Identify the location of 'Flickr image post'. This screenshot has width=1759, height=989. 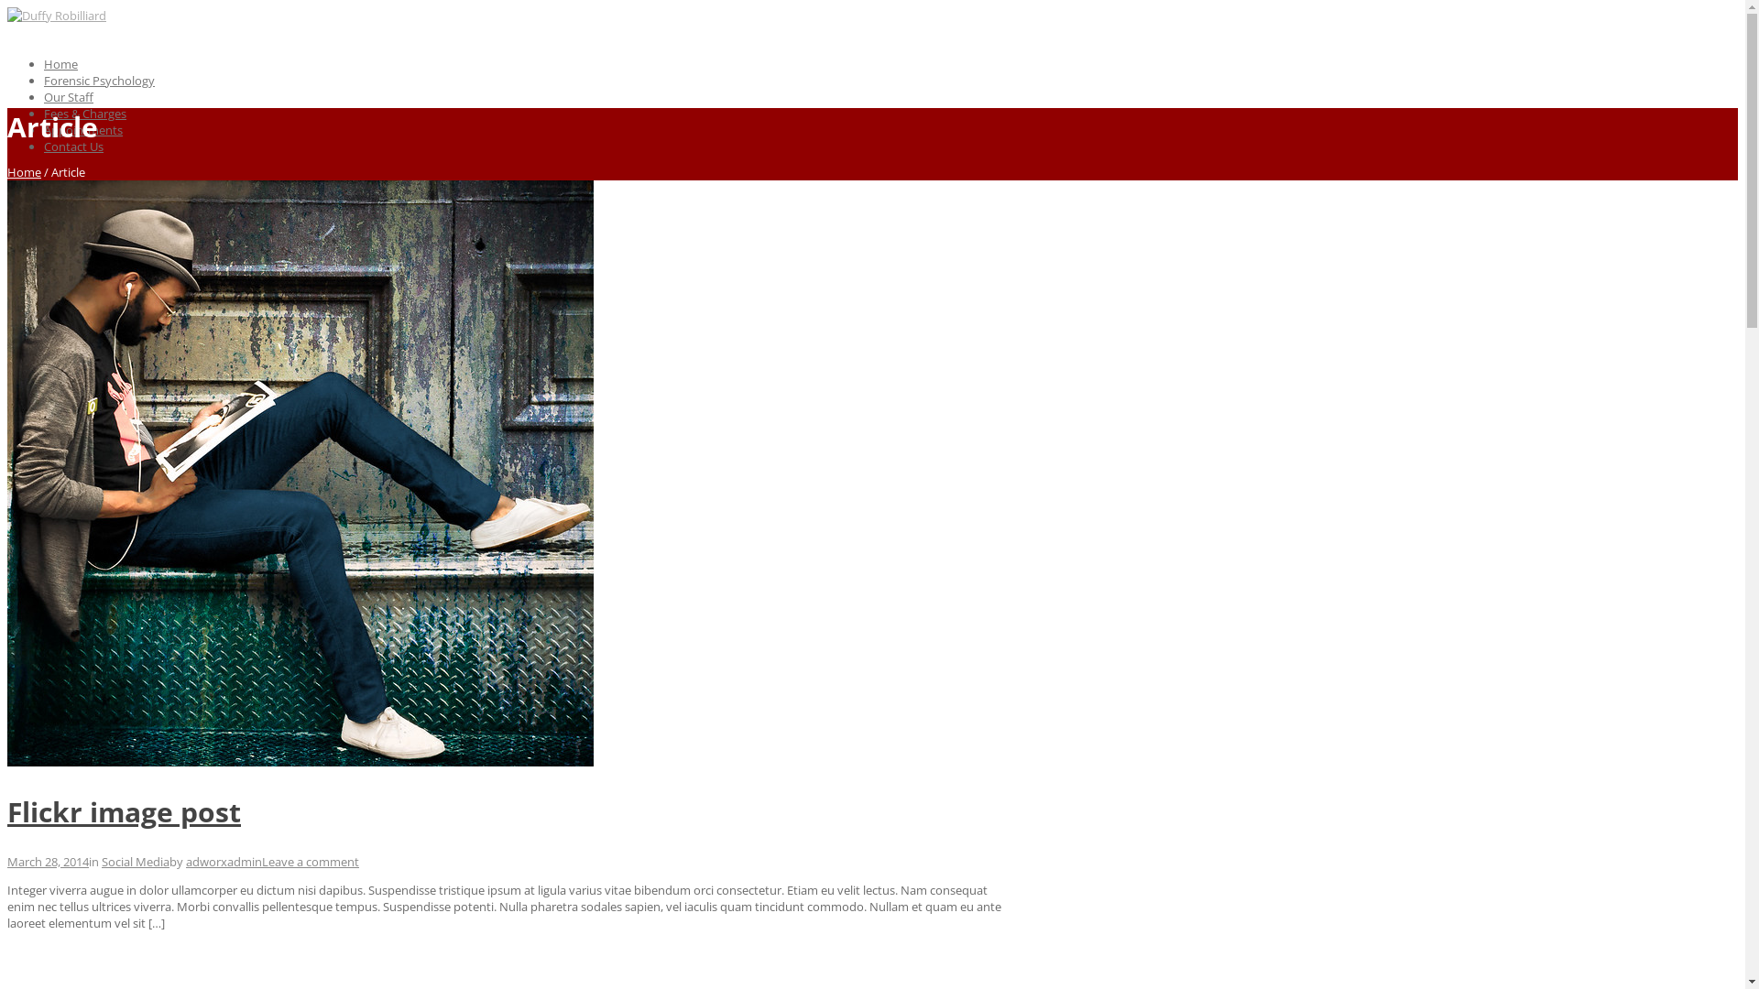
(123, 810).